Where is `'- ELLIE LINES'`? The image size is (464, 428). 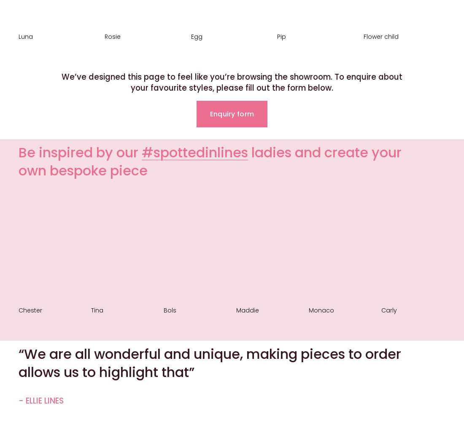
'- ELLIE LINES' is located at coordinates (41, 401).